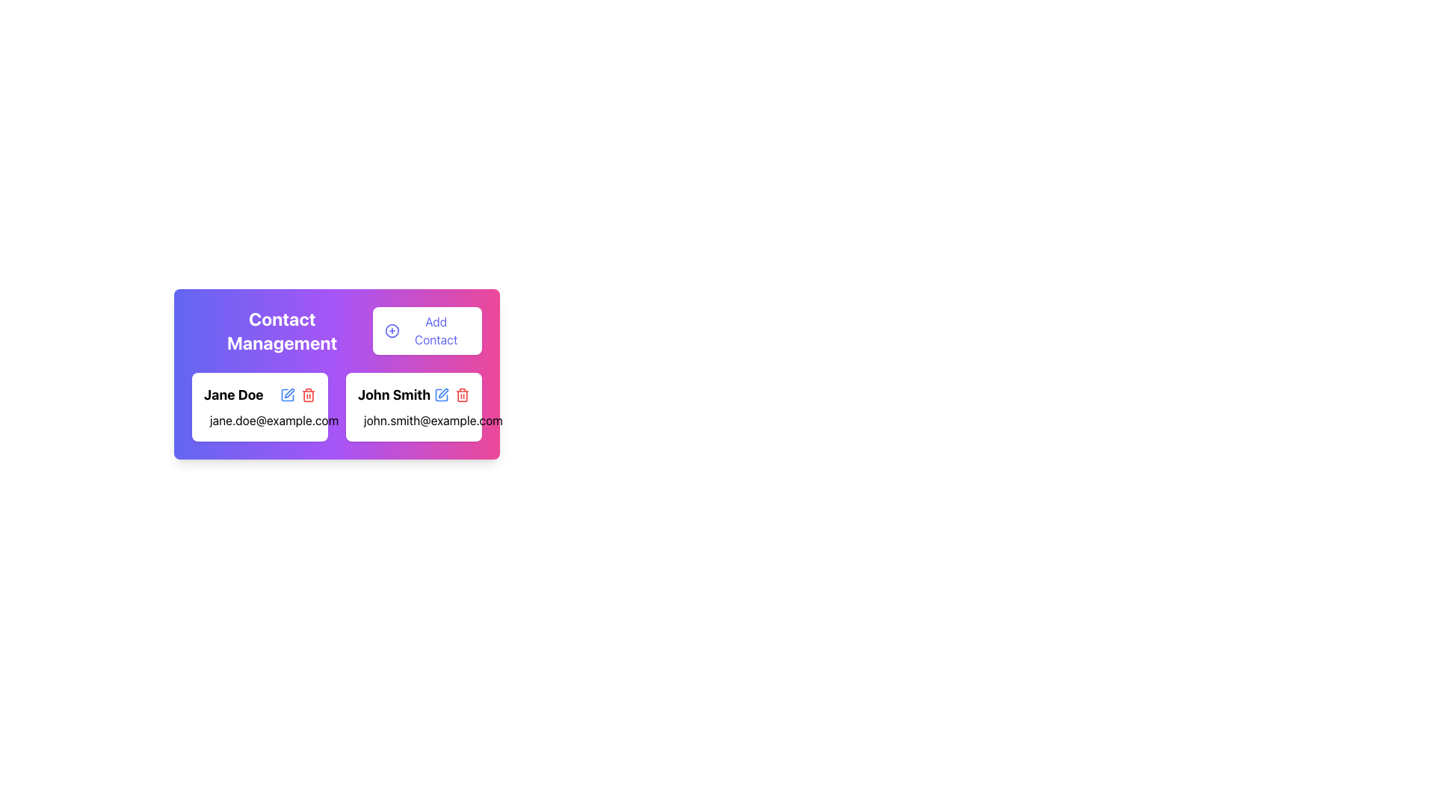 Image resolution: width=1435 pixels, height=807 pixels. Describe the element at coordinates (462, 394) in the screenshot. I see `the delete icon button located in the bottom-right corner of the 'John Smith' contact card` at that location.